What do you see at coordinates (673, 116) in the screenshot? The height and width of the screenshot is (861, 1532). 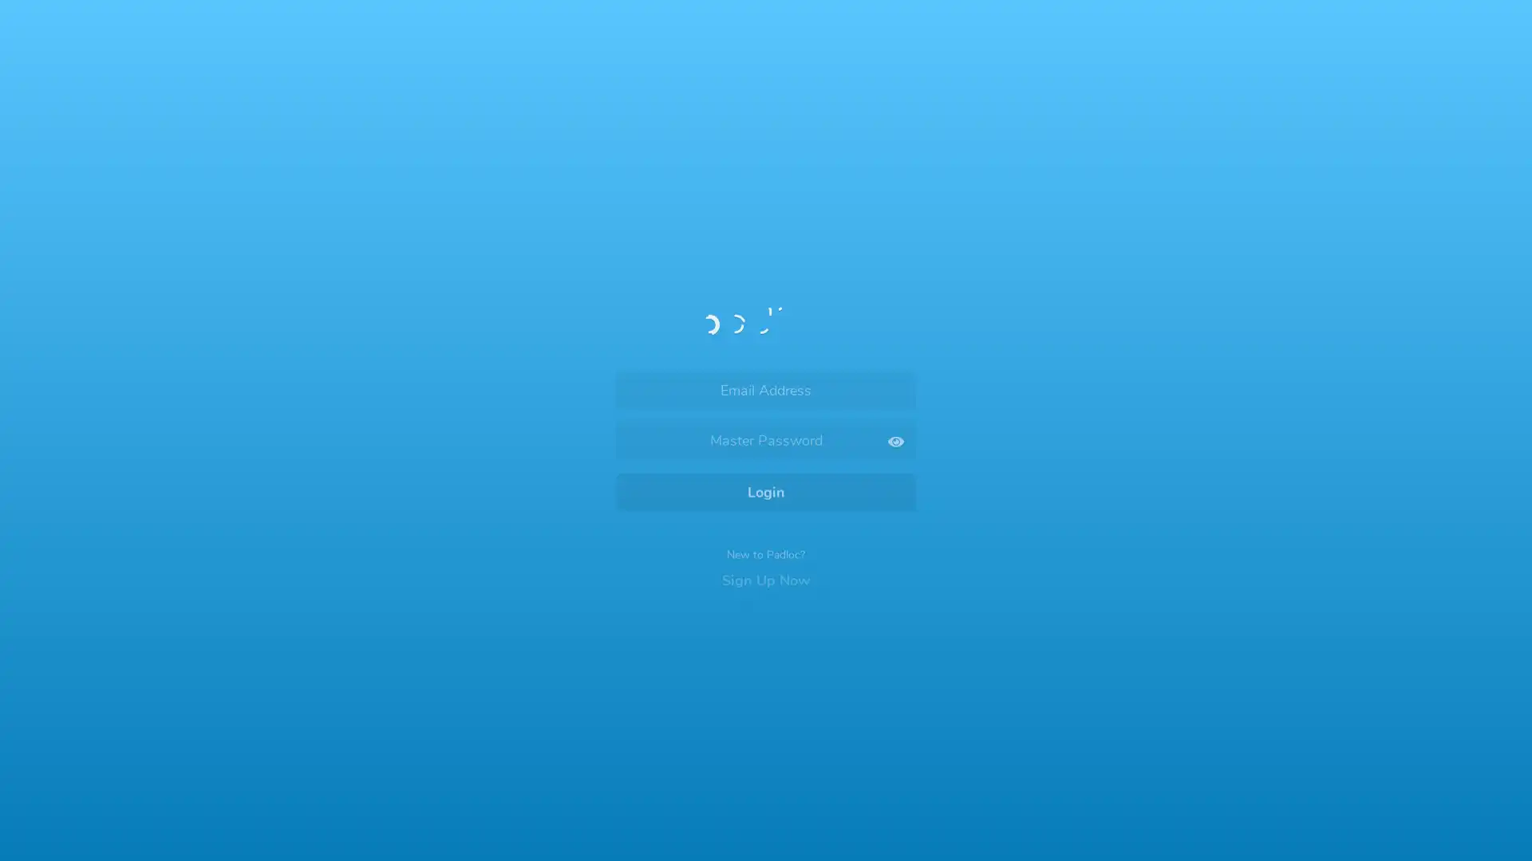 I see `Back To Login` at bounding box center [673, 116].